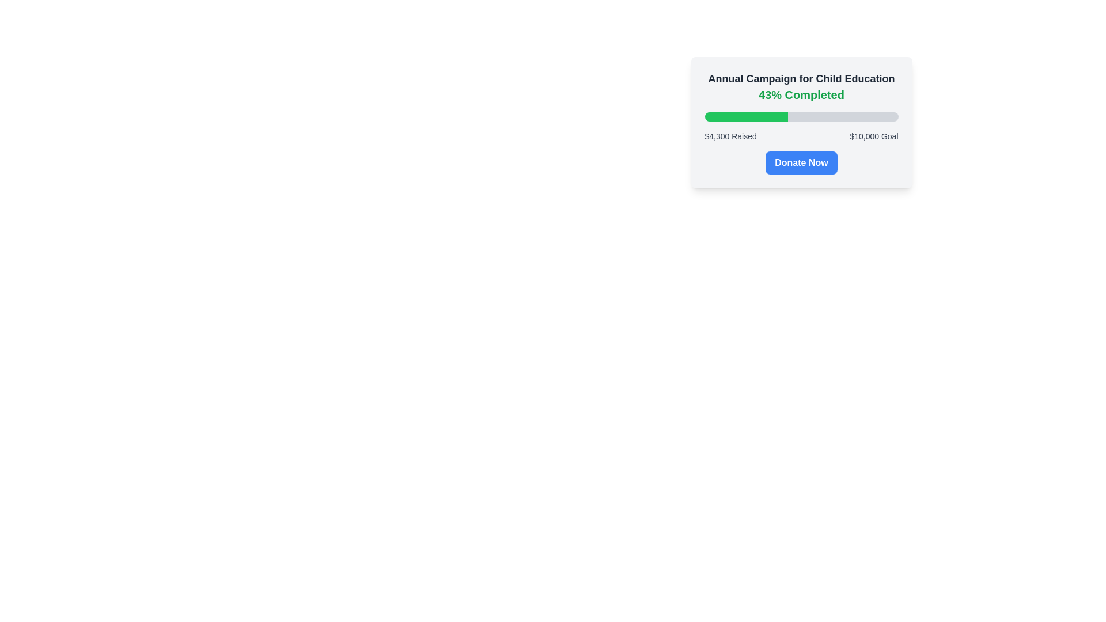 Image resolution: width=1106 pixels, height=622 pixels. I want to click on the donation button located at the bottom of the fundraising campaign details to initiate the donation process, so click(801, 162).